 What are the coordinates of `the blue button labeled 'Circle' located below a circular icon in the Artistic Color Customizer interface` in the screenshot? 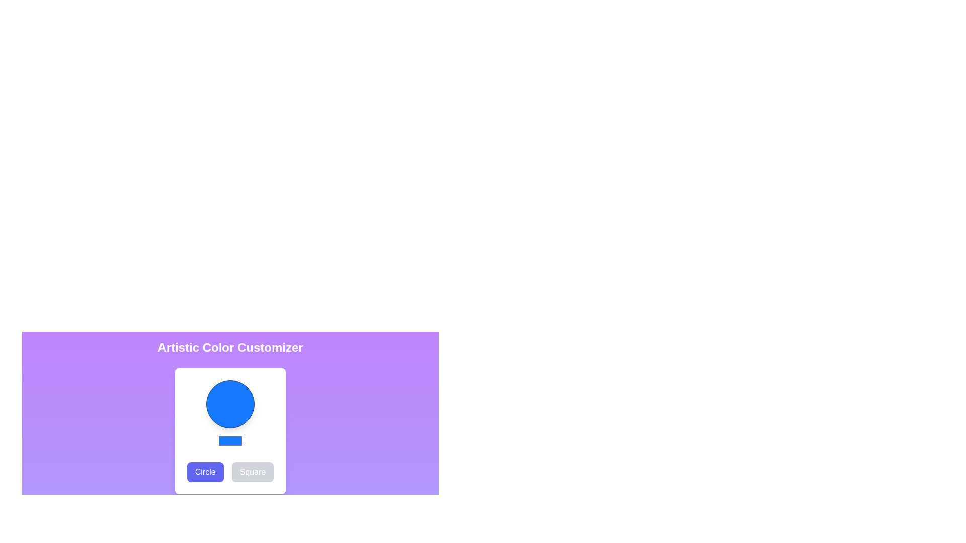 It's located at (205, 472).